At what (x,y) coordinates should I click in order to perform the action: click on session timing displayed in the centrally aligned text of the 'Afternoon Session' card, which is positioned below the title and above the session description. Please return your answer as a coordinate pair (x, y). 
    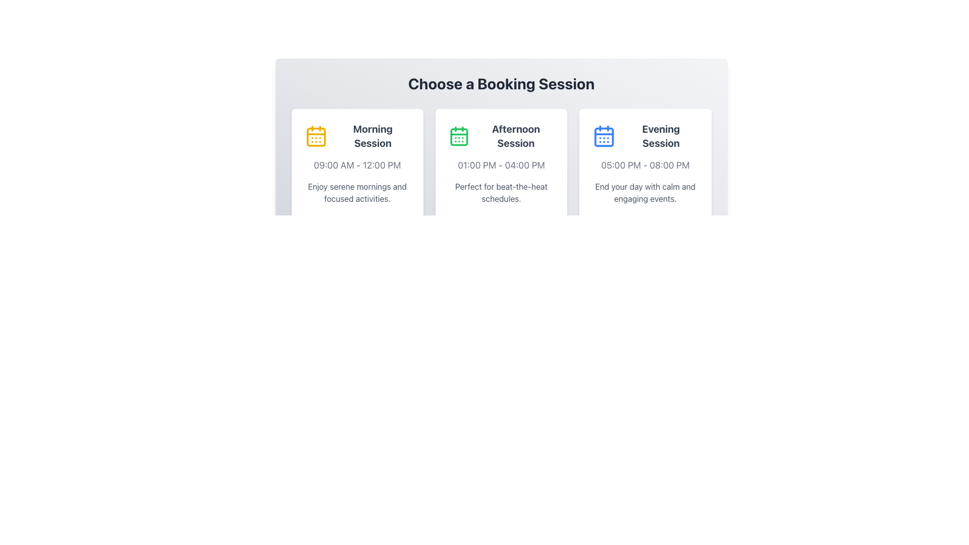
    Looking at the image, I should click on (501, 165).